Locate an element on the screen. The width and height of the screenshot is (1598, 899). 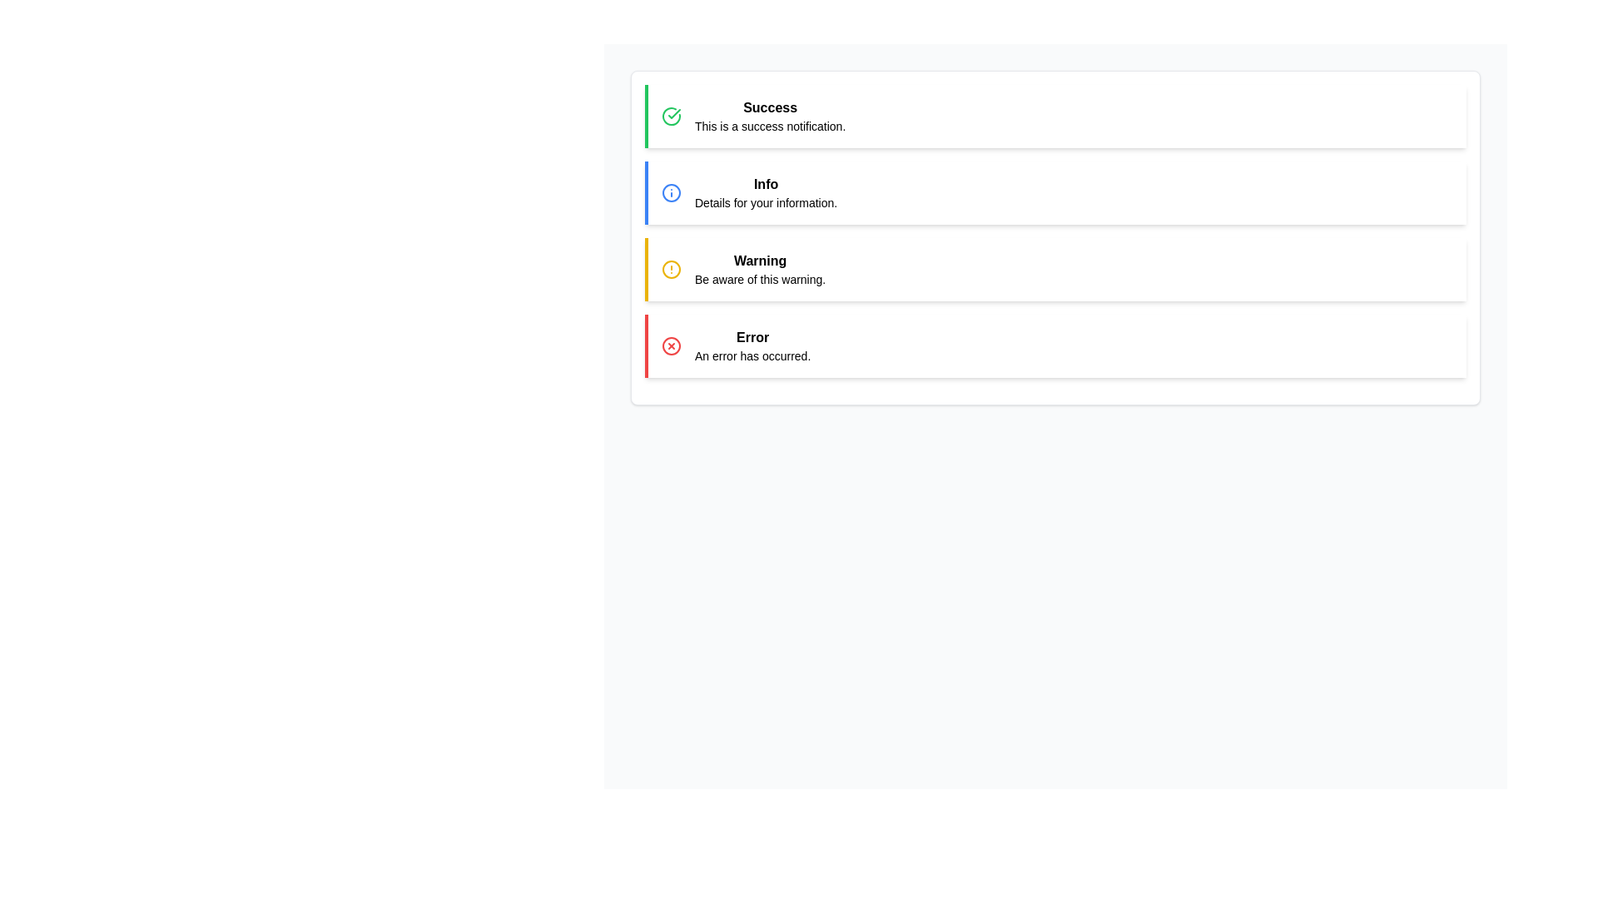
the static text element providing contextual information related to the 'Success' notification, positioned directly underneath the bolded text 'Success' is located at coordinates (769, 125).